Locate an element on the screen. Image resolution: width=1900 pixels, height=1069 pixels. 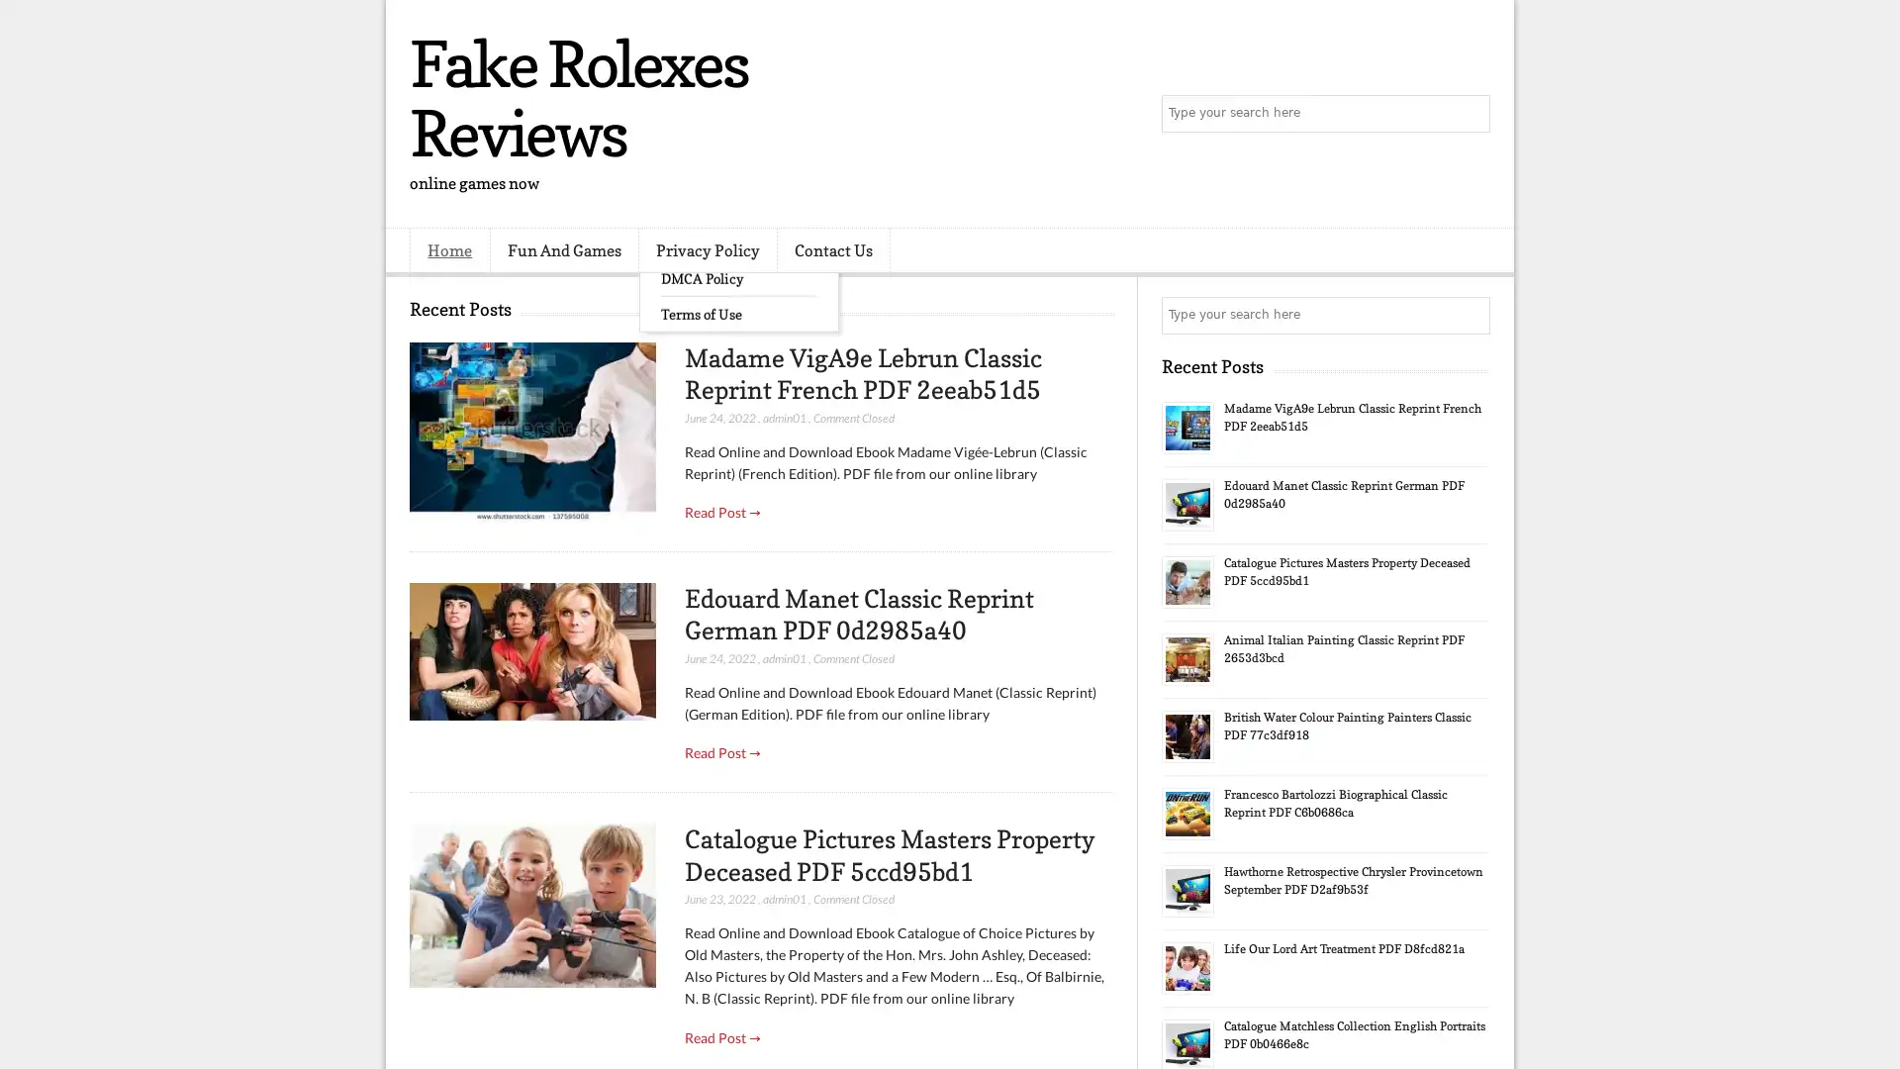
Search is located at coordinates (1470, 315).